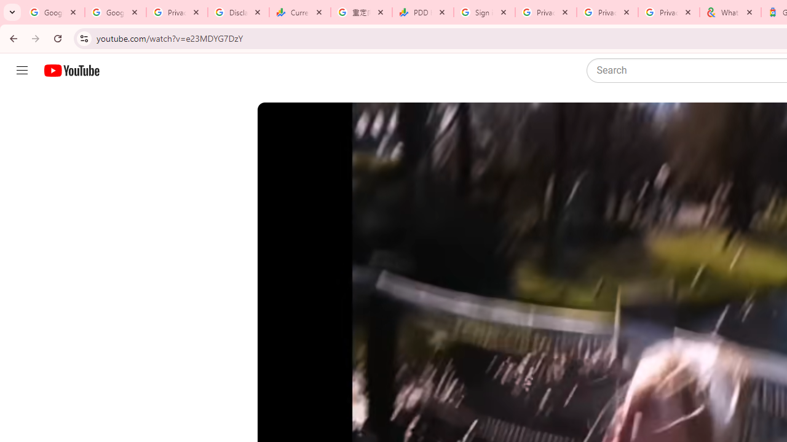 The image size is (787, 442). Describe the element at coordinates (484, 12) in the screenshot. I see `'Sign in - Google Accounts'` at that location.